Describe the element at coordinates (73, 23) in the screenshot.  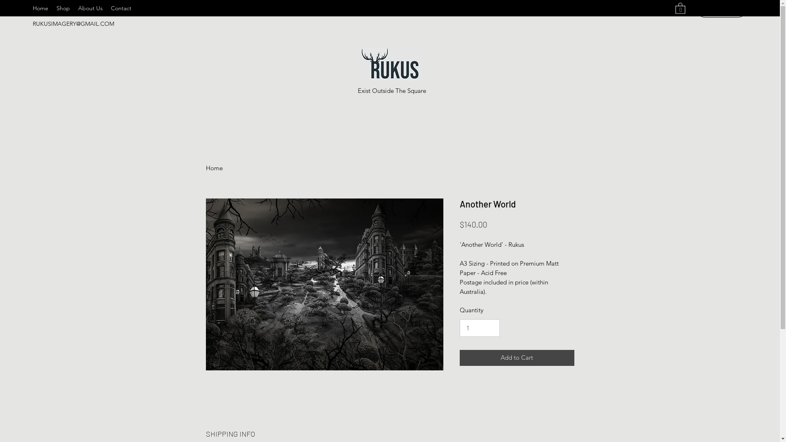
I see `'RUKUSIMAGERY@GMAIL.COM'` at that location.